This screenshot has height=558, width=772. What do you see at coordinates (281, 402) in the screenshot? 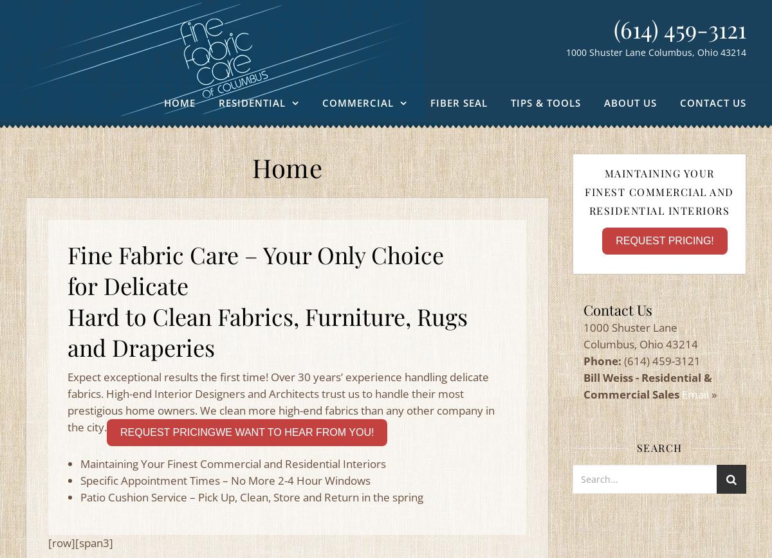
I see `'Expect exceptional results the first time! Over 30 years’ experience handling delicate fabrics. High-end Interior Designers and Architects trust us to handle their most prestigious home owners. We clean more high-end fabrics than any other company in the city.'` at bounding box center [281, 402].